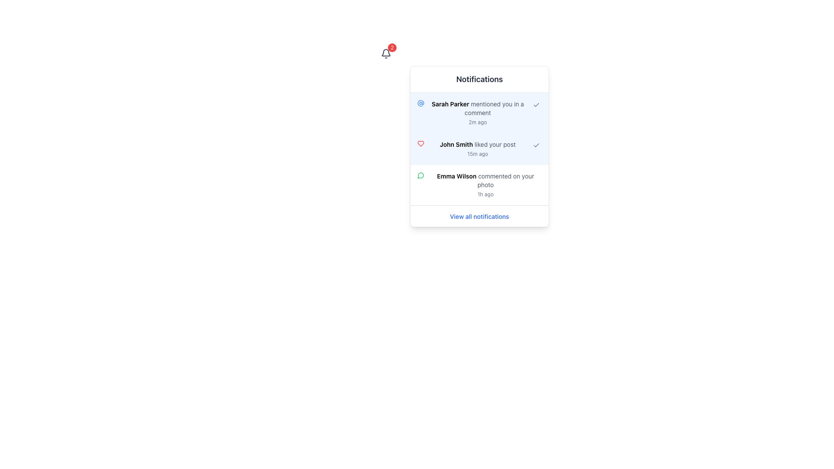  I want to click on the bell icon located centrally in the header section, positioned before the notification badge showing the number '2', so click(385, 53).